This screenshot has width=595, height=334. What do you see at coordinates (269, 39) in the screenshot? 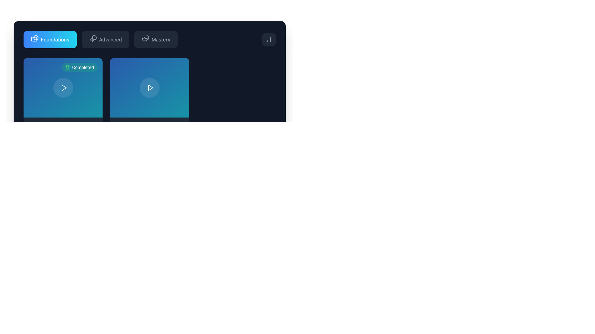
I see `the button in the top-right corner of the interface that resembles a bar chart` at bounding box center [269, 39].